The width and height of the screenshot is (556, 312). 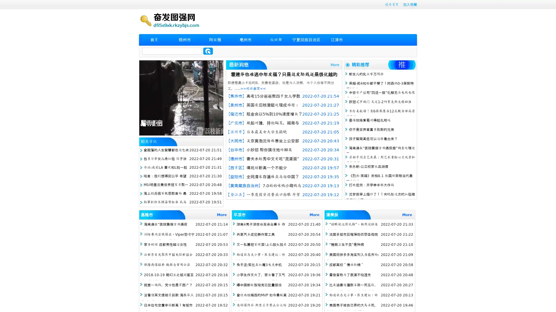 What do you see at coordinates (208, 51) in the screenshot?
I see `Search` at bounding box center [208, 51].